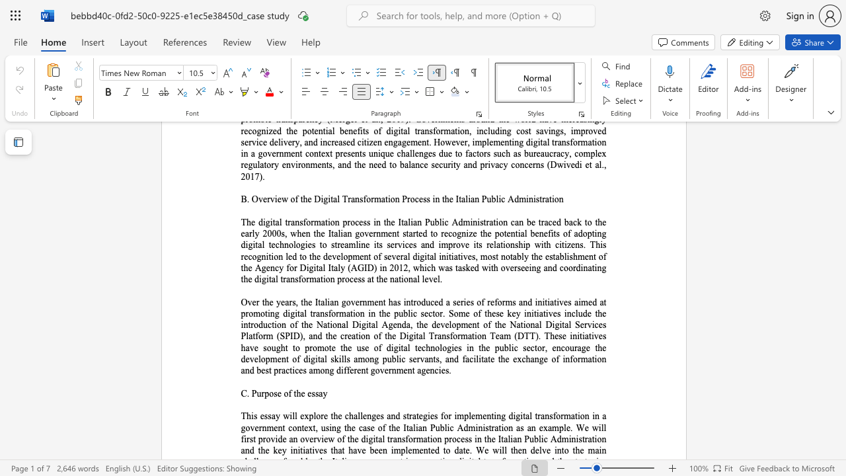  Describe the element at coordinates (248, 393) in the screenshot. I see `the 1th character "." in the text` at that location.